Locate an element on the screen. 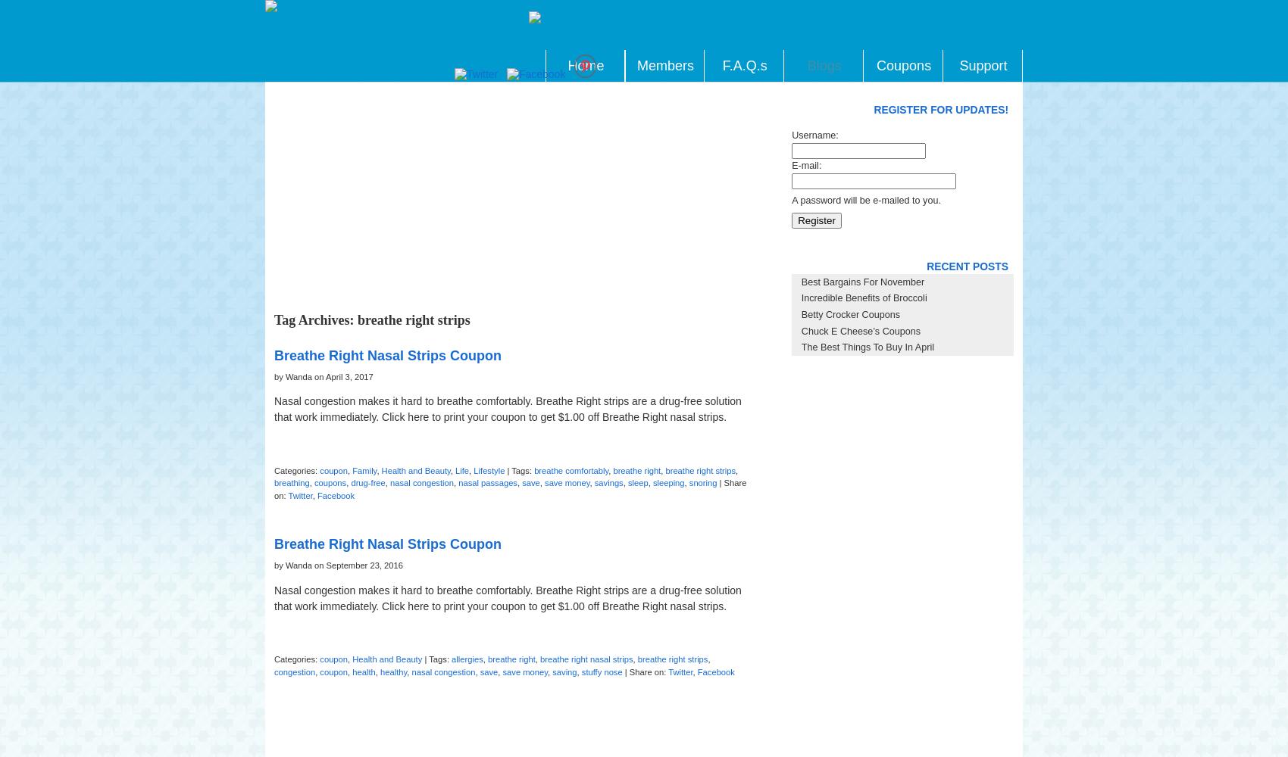 The image size is (1288, 757). 'Register for updates!' is located at coordinates (940, 109).